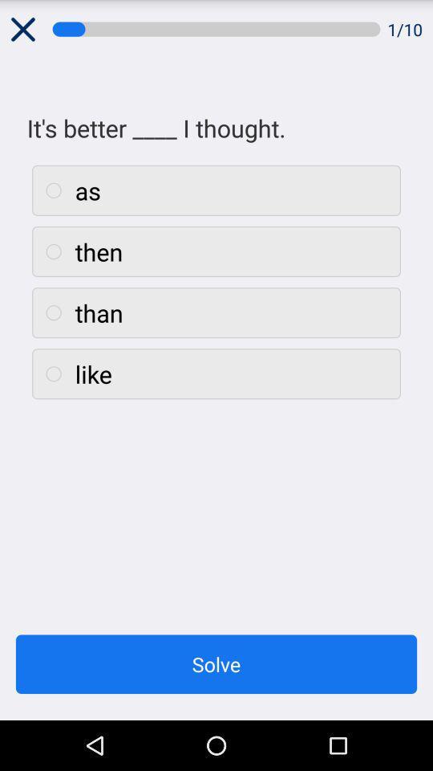 This screenshot has width=433, height=771. I want to click on the close icon, so click(22, 31).